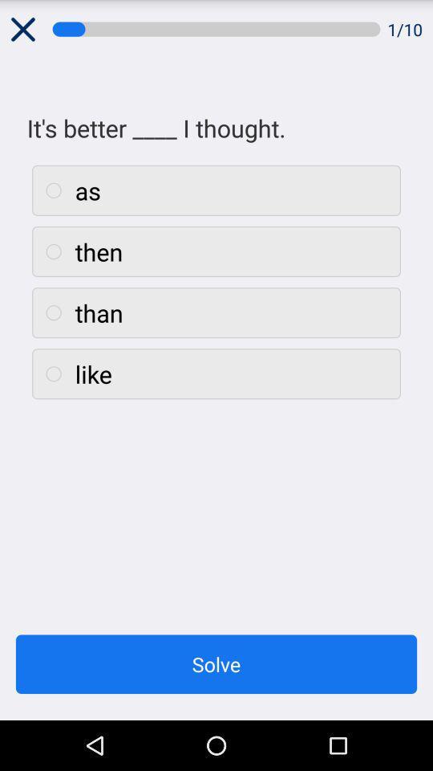 This screenshot has width=433, height=771. I want to click on the close icon, so click(22, 31).